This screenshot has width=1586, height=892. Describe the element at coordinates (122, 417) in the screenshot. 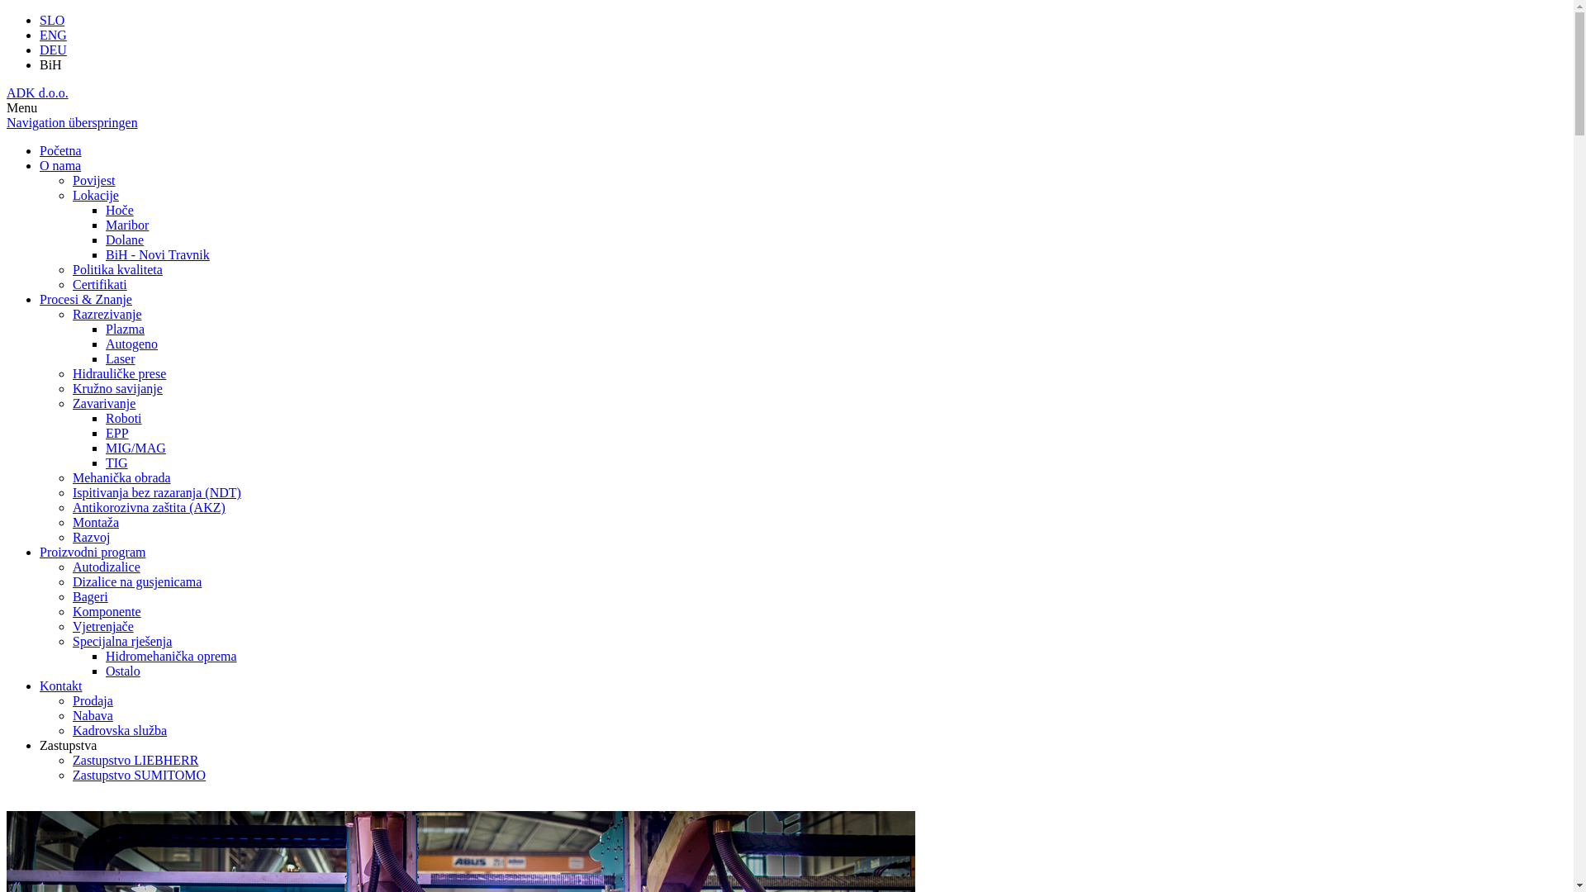

I see `'Roboti'` at that location.